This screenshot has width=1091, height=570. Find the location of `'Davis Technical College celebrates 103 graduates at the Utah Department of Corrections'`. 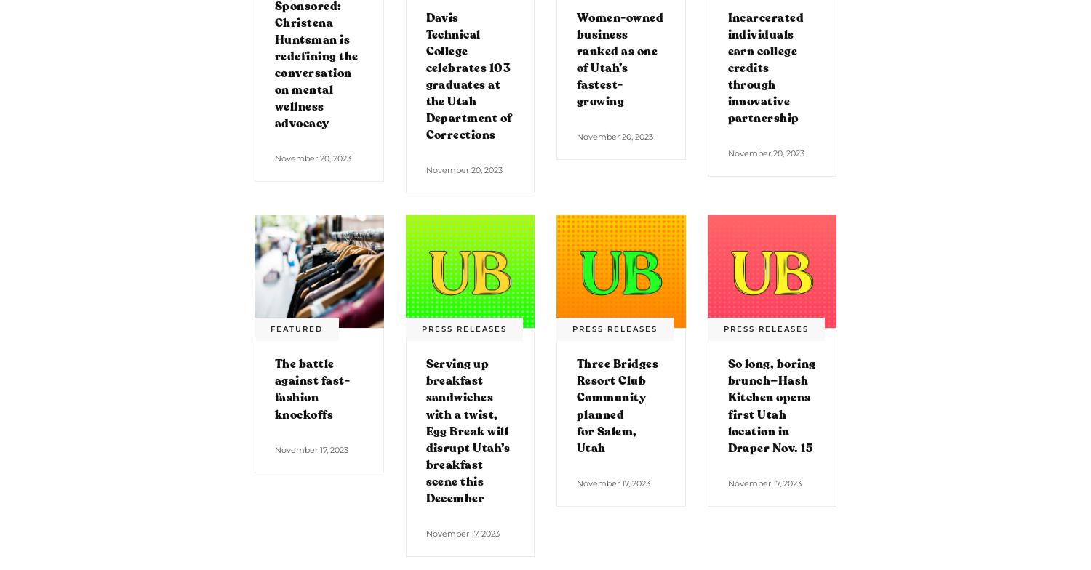

'Davis Technical College celebrates 103 graduates at the Utah Department of Corrections' is located at coordinates (468, 76).